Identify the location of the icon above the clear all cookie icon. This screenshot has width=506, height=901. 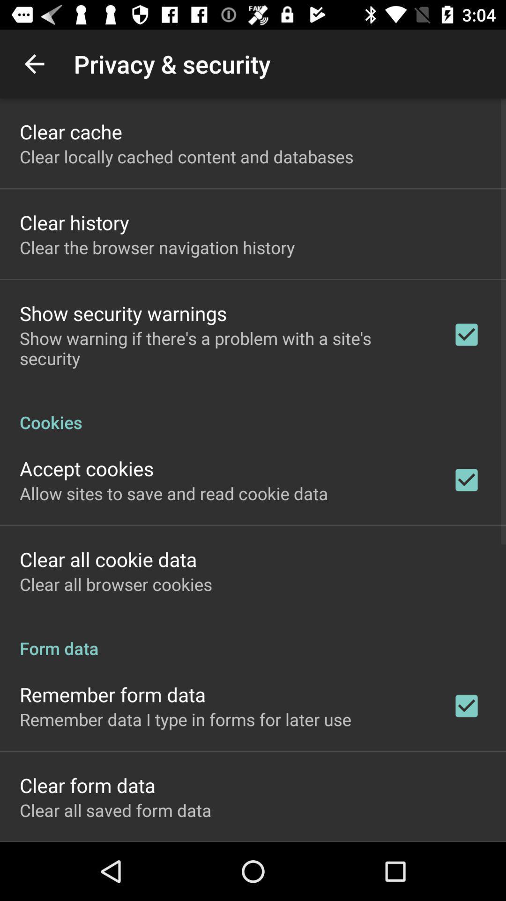
(174, 493).